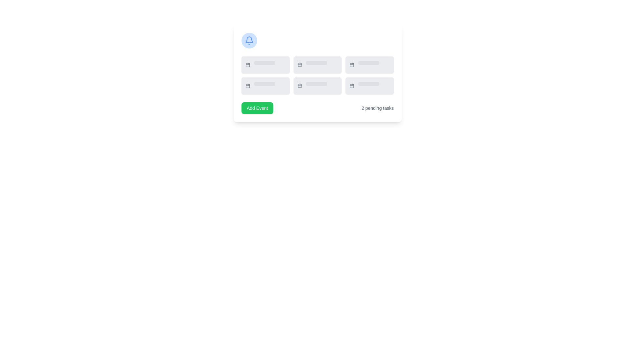 The height and width of the screenshot is (354, 630). What do you see at coordinates (270, 65) in the screenshot?
I see `the animation of the loading placeholder located in the second placeholder panel of the first row, adjacent to an icon on its left` at bounding box center [270, 65].